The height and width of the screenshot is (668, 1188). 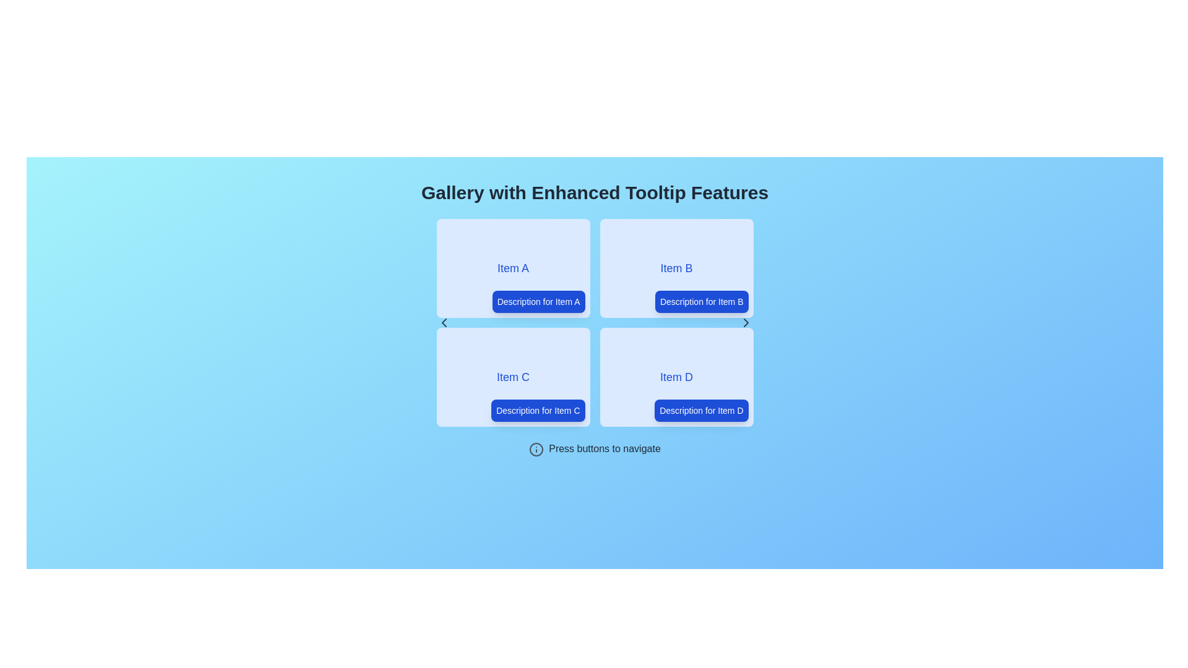 What do you see at coordinates (536, 449) in the screenshot?
I see `the small circular information icon with a gray outline located to the left of the text 'Press buttons to navigate'` at bounding box center [536, 449].